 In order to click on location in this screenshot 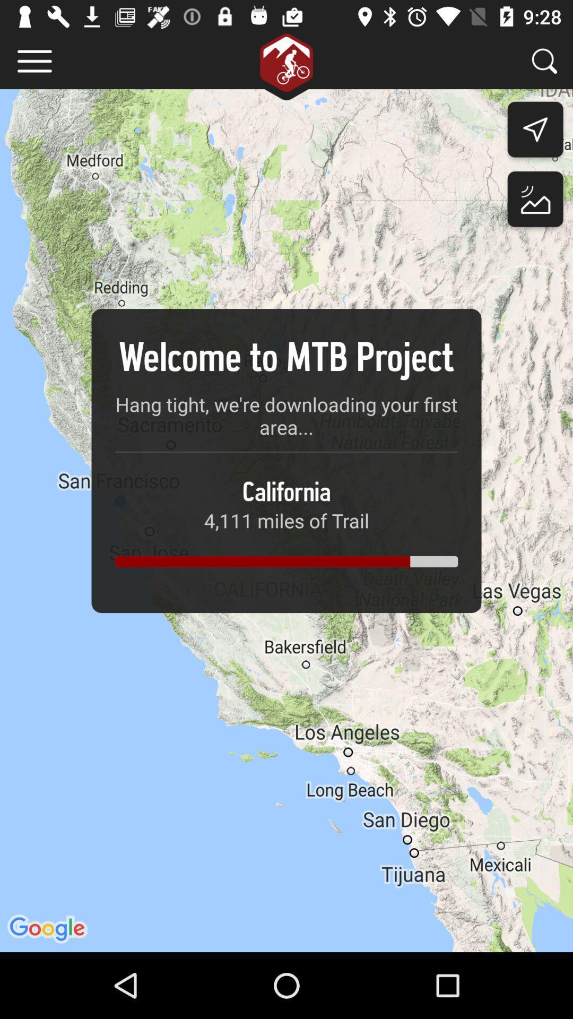, I will do `click(535, 202)`.